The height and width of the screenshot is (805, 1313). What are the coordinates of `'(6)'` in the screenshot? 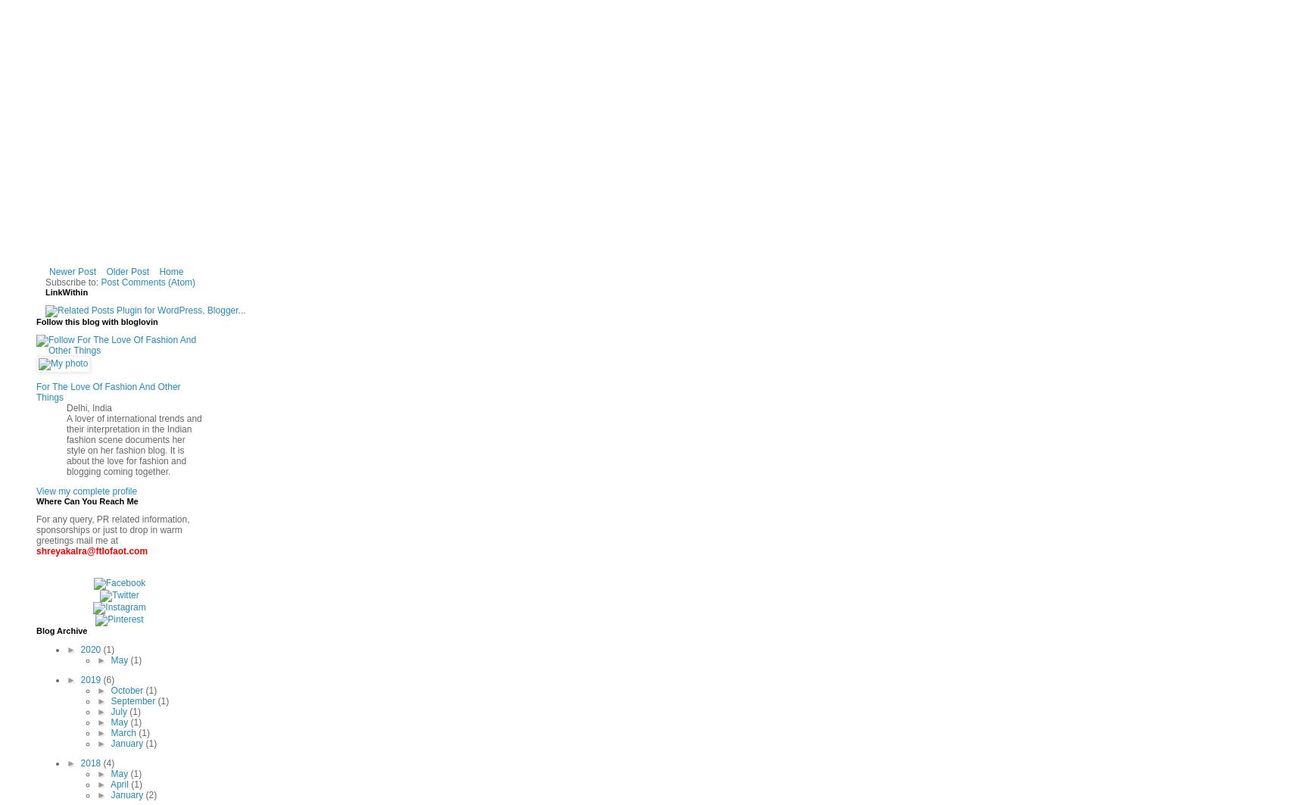 It's located at (108, 679).